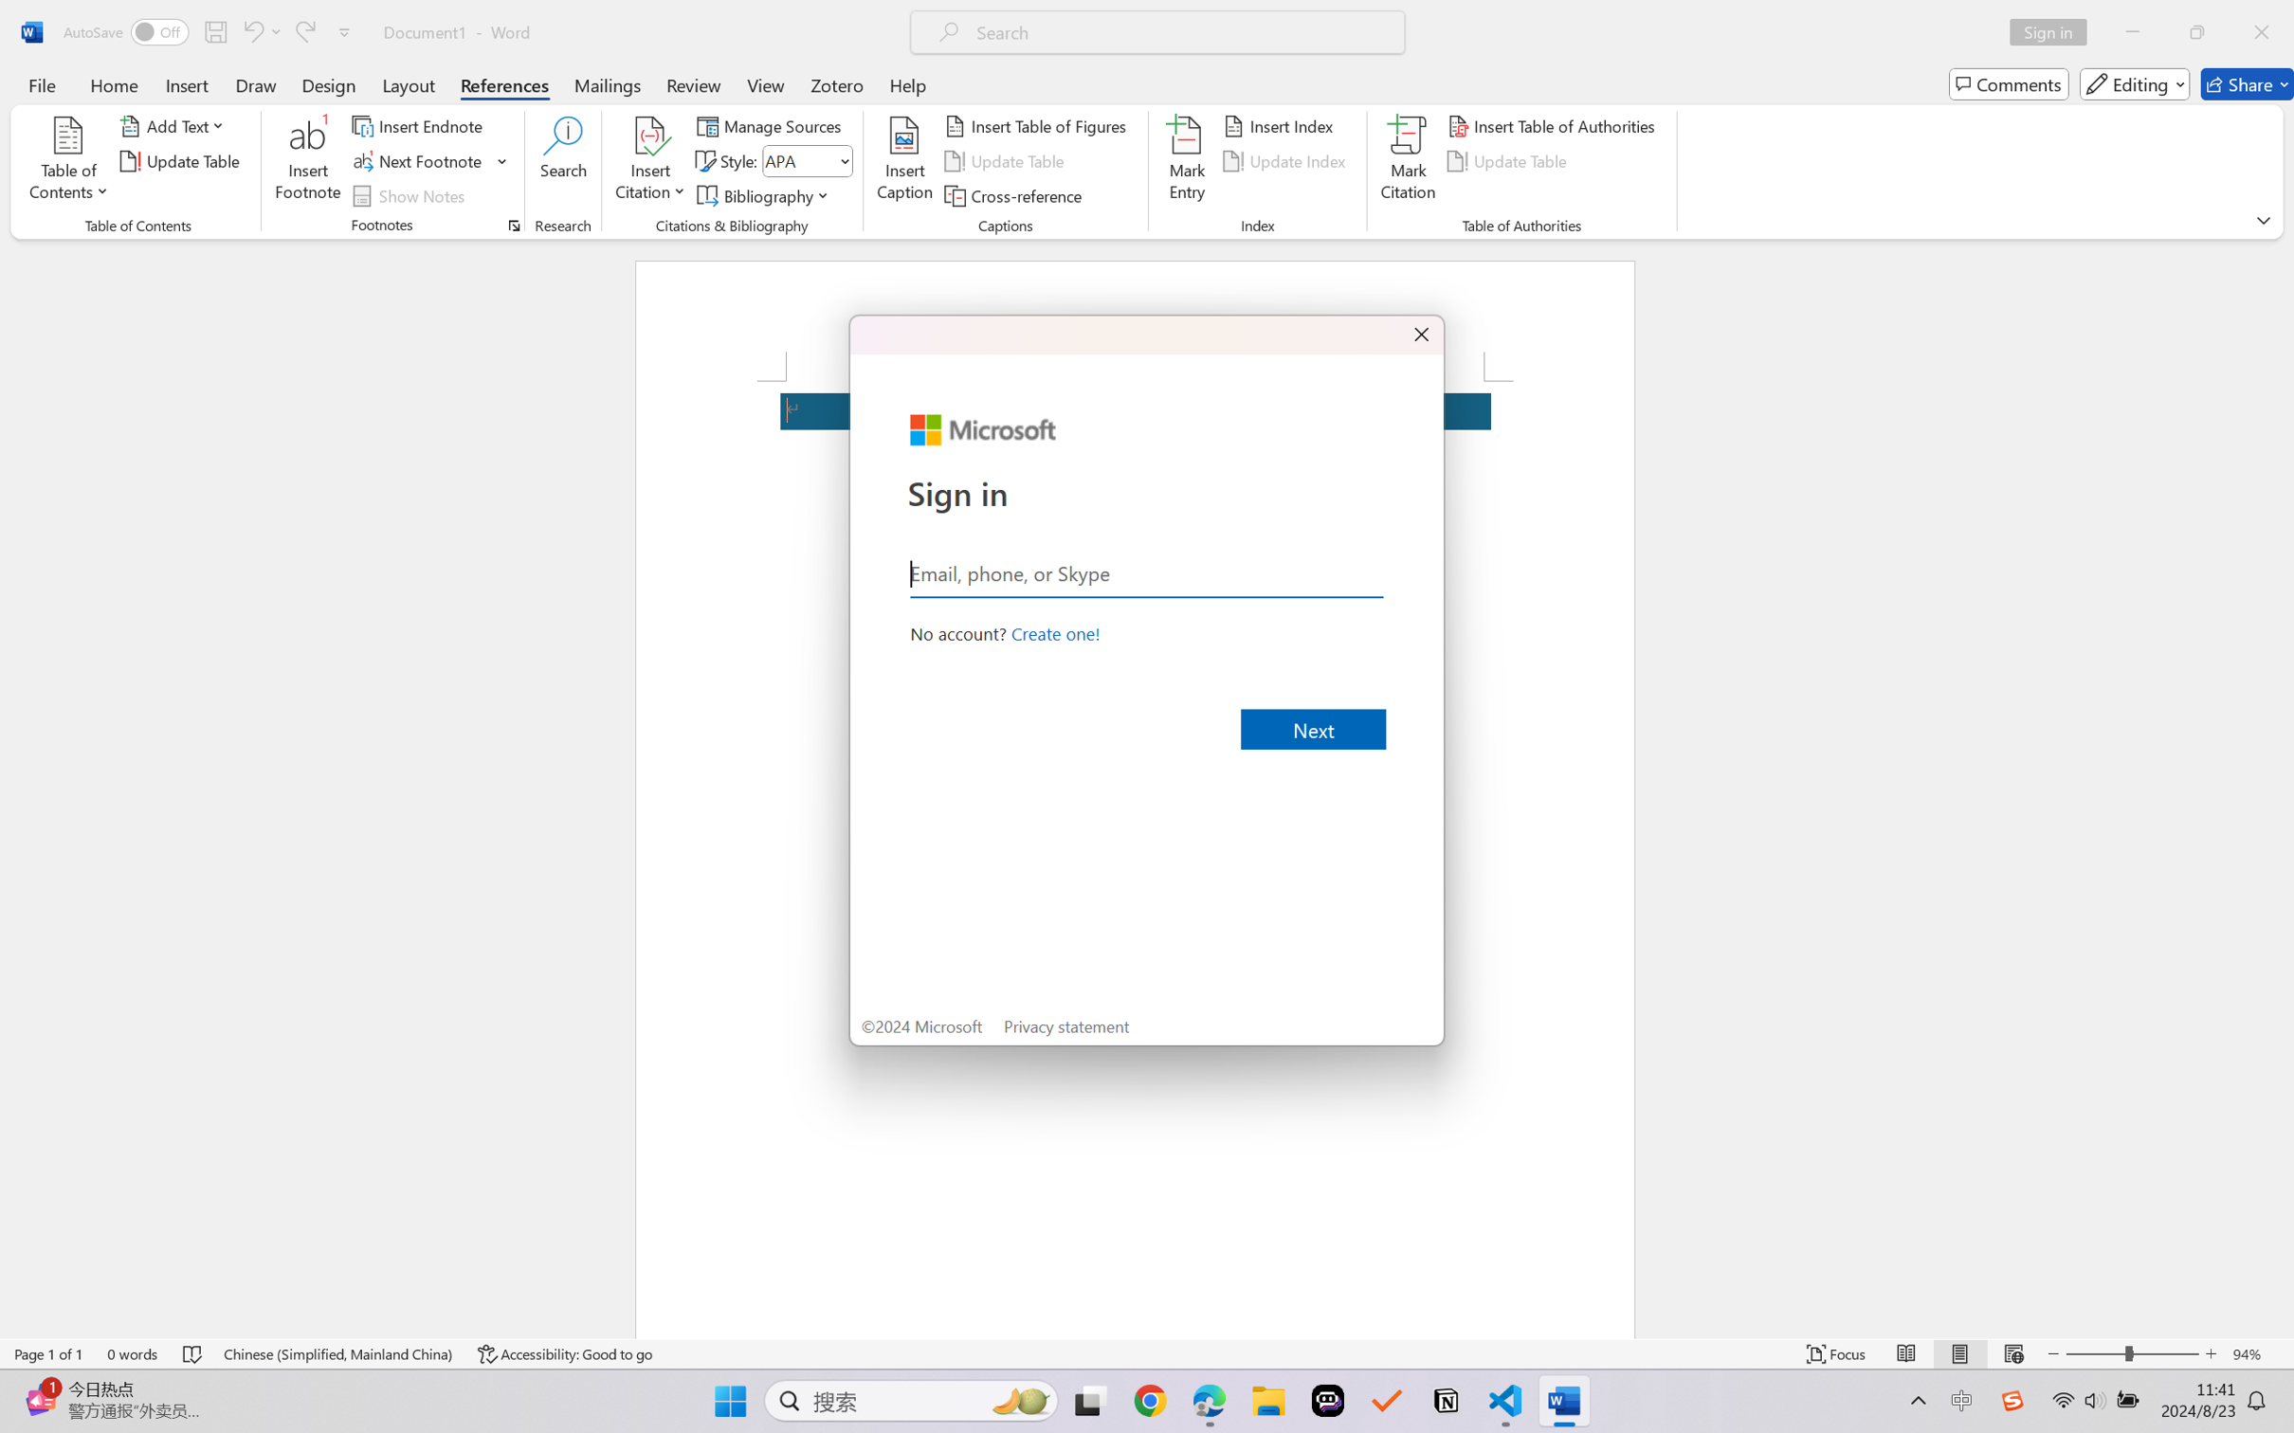  What do you see at coordinates (2055, 31) in the screenshot?
I see `'Sign in'` at bounding box center [2055, 31].